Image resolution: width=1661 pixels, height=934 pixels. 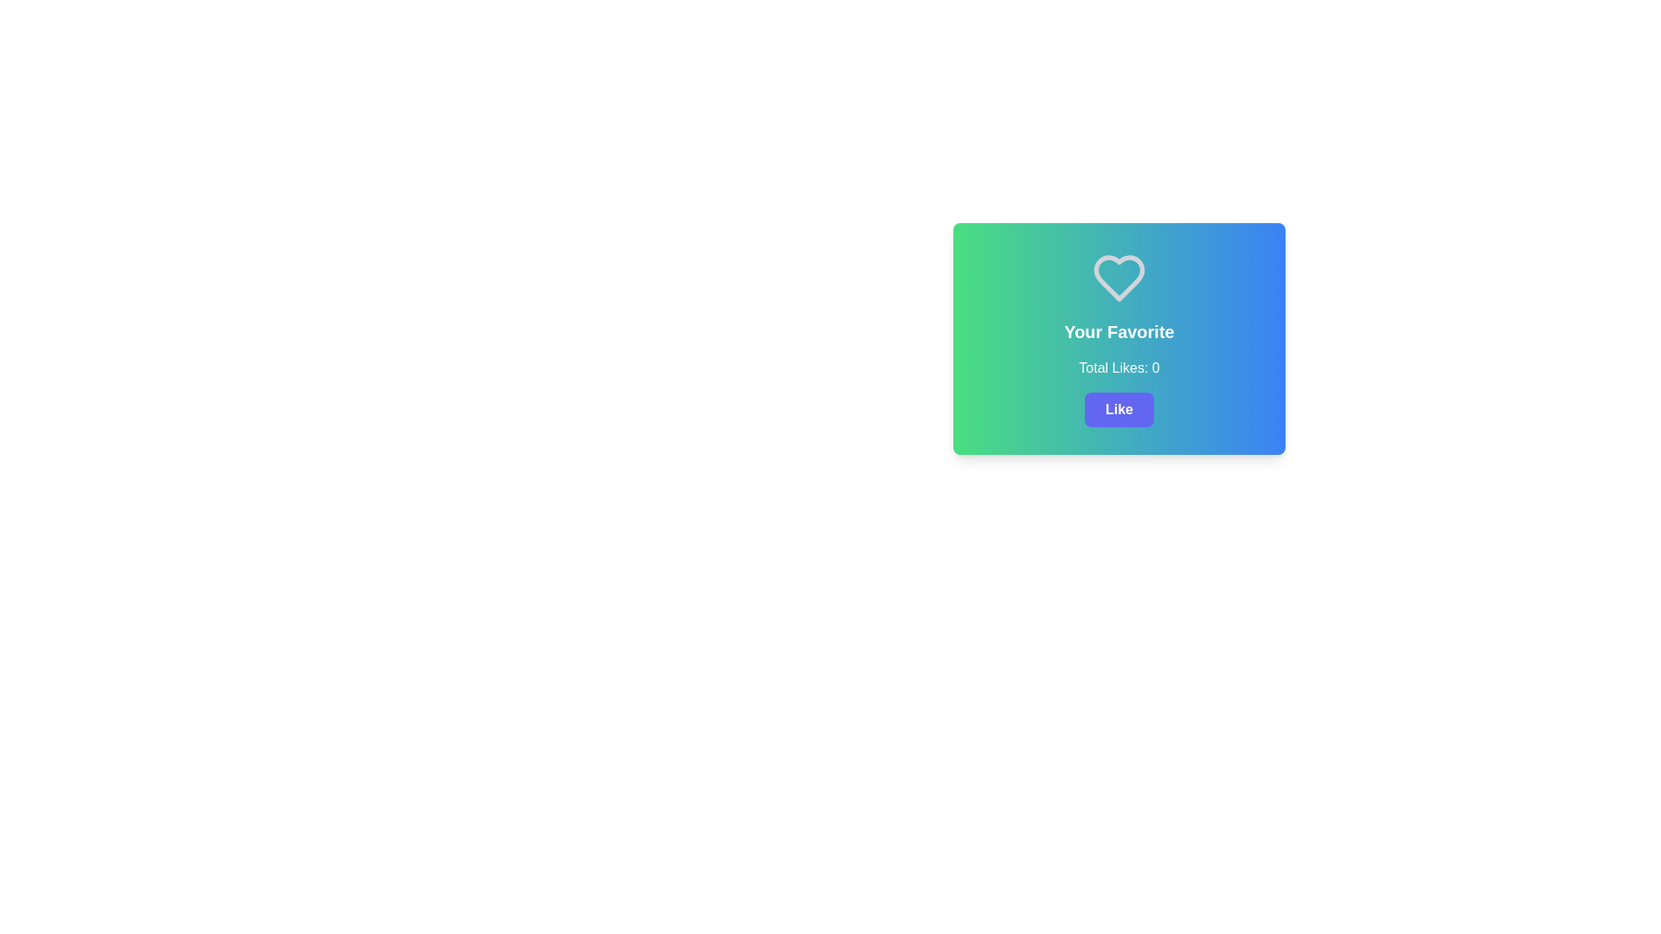 What do you see at coordinates (1119, 367) in the screenshot?
I see `the Text Label displaying the total number of likes, which is currently 0, located below the 'Your Favorite' text and above the 'Like' button in the centered card UI component` at bounding box center [1119, 367].